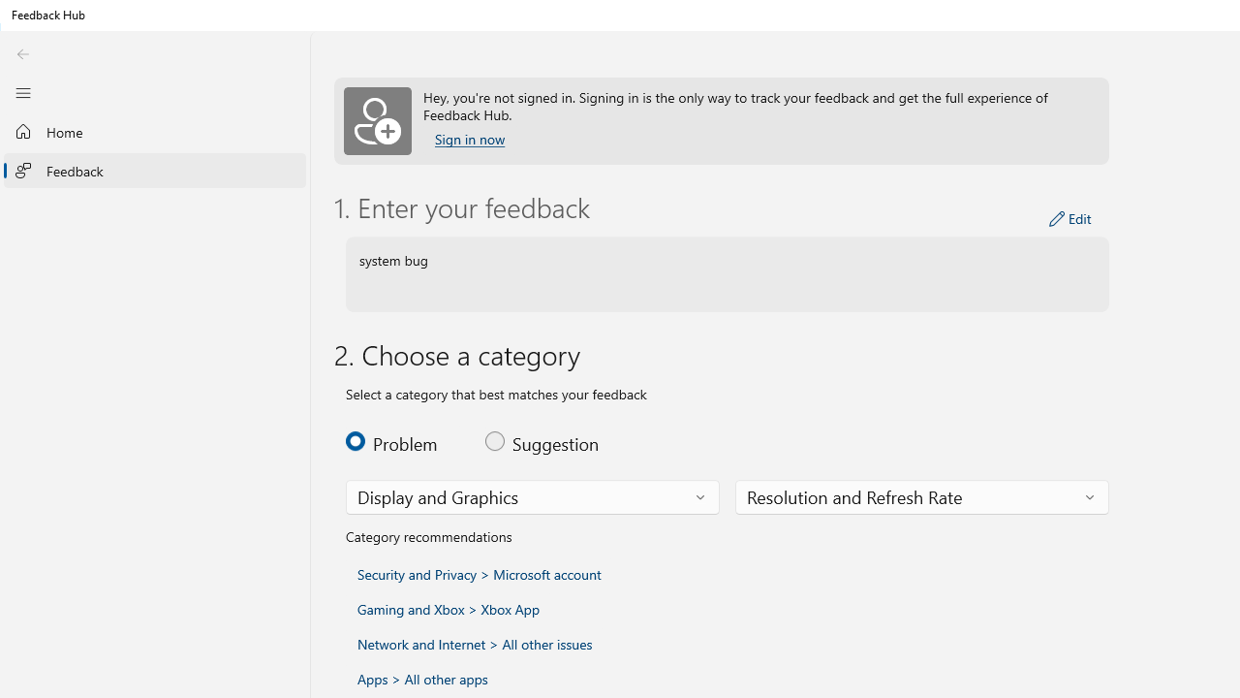 The width and height of the screenshot is (1240, 698). Describe the element at coordinates (542, 441) in the screenshot. I see `'Feedback type, Suggestion'` at that location.